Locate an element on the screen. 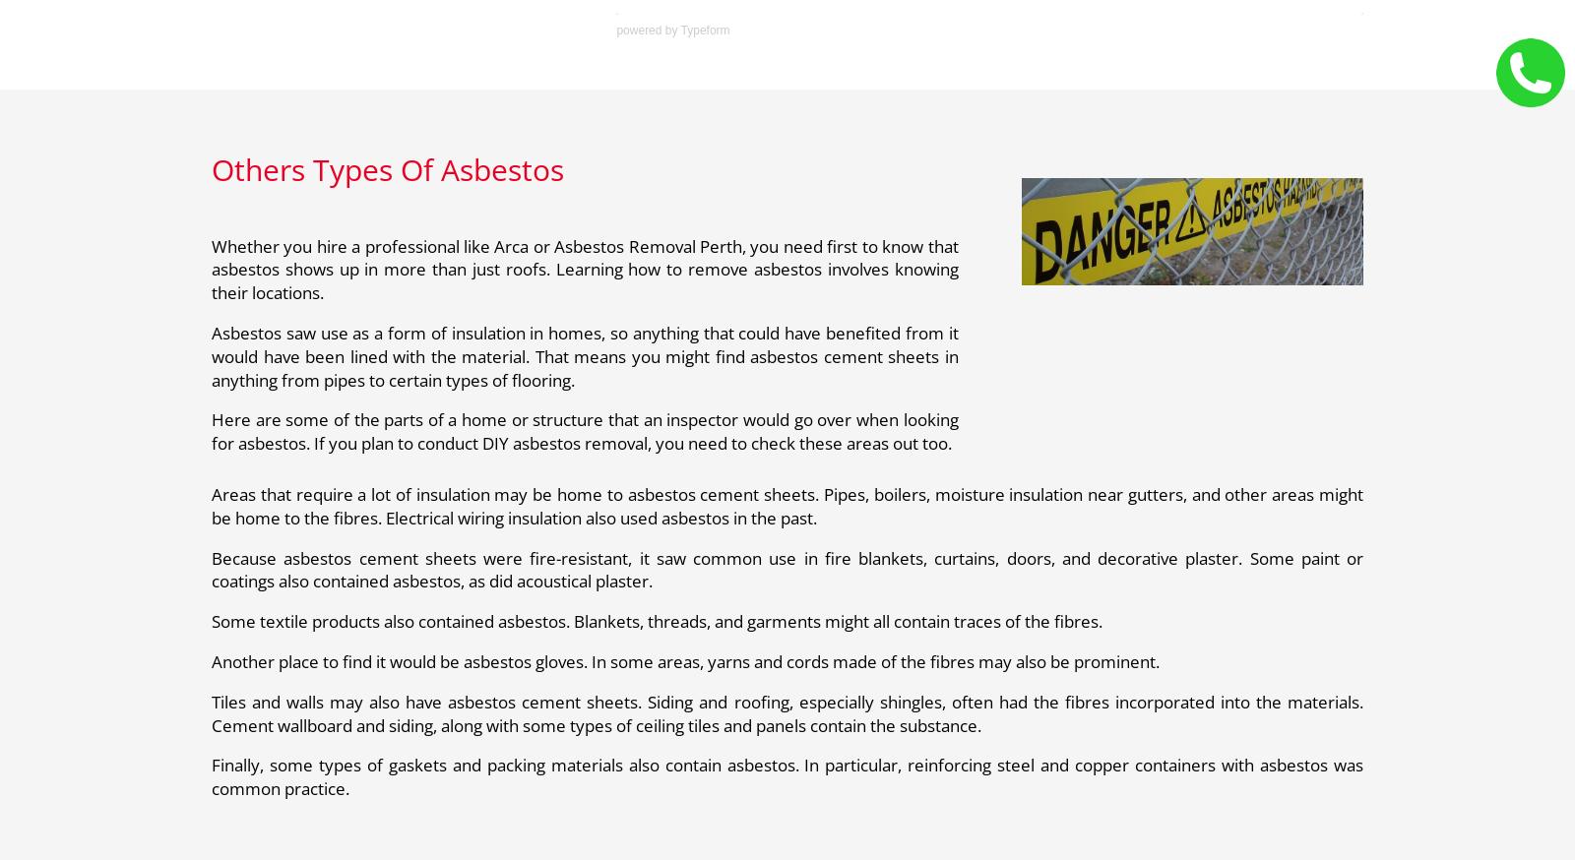  'Whether you hire a professional like Arca or Asbestos Removal Perth, you need first to know that asbestos shows up in more than just roofs. Learning how to remove asbestos involves knowing their locations.' is located at coordinates (584, 269).